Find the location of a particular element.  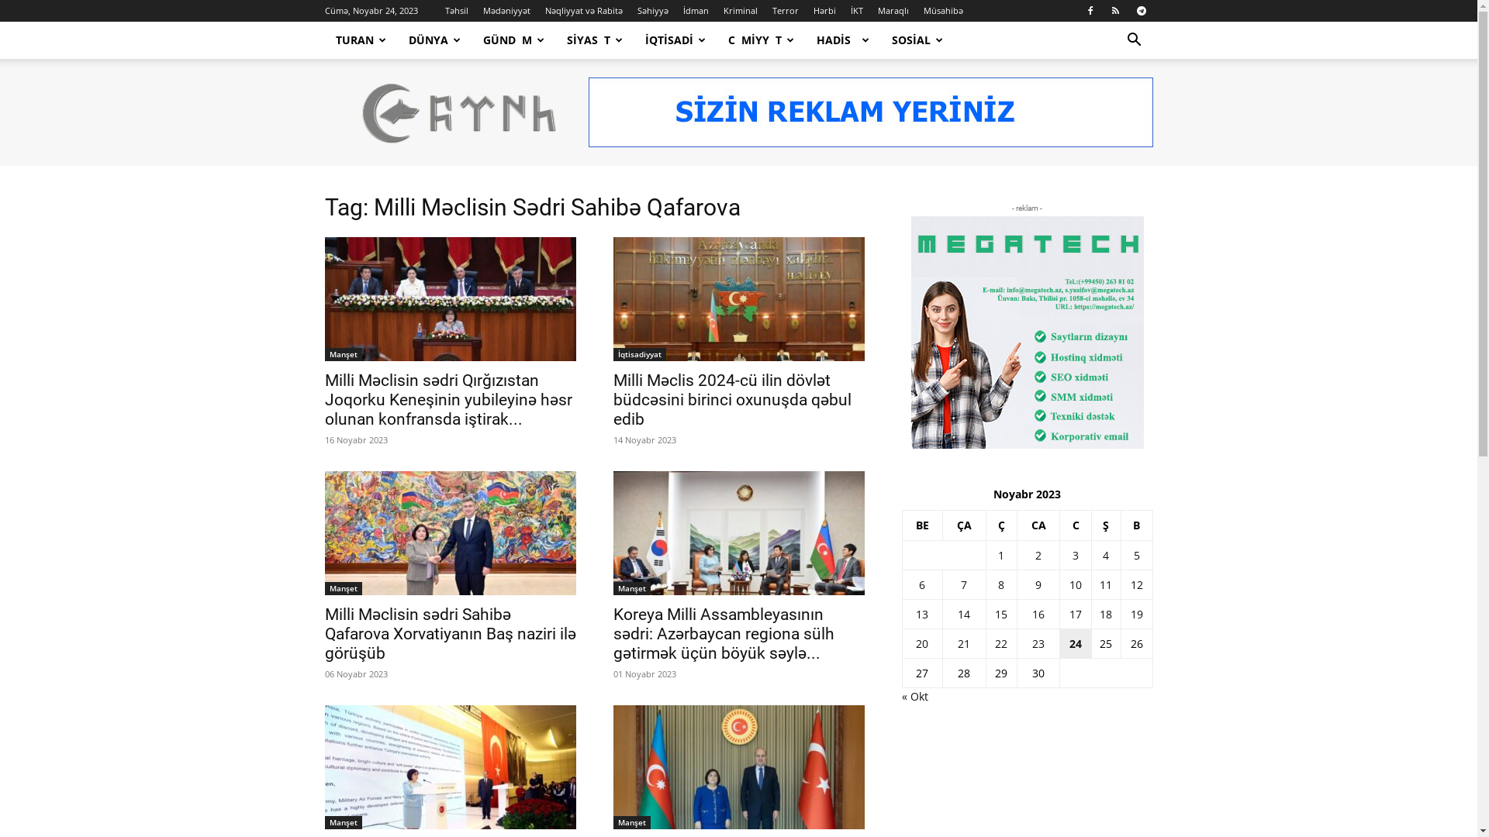

'23' is located at coordinates (1038, 643).